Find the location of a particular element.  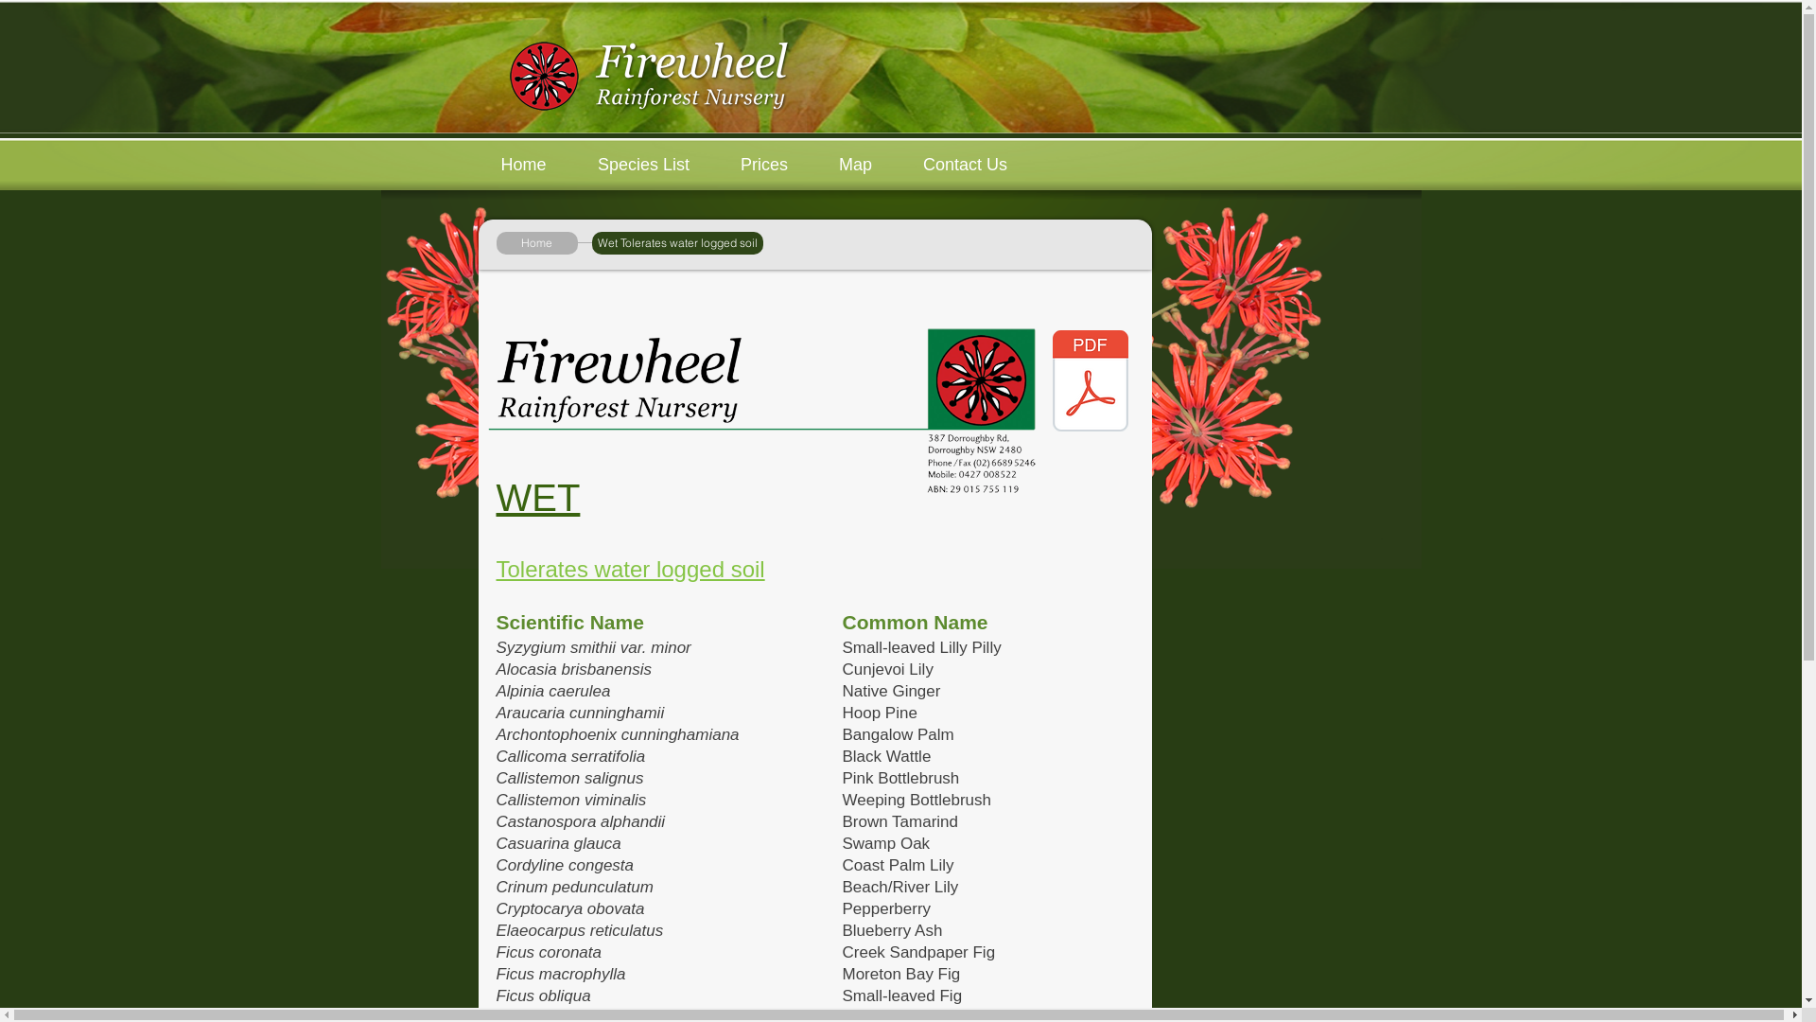

'Prices' is located at coordinates (763, 163).